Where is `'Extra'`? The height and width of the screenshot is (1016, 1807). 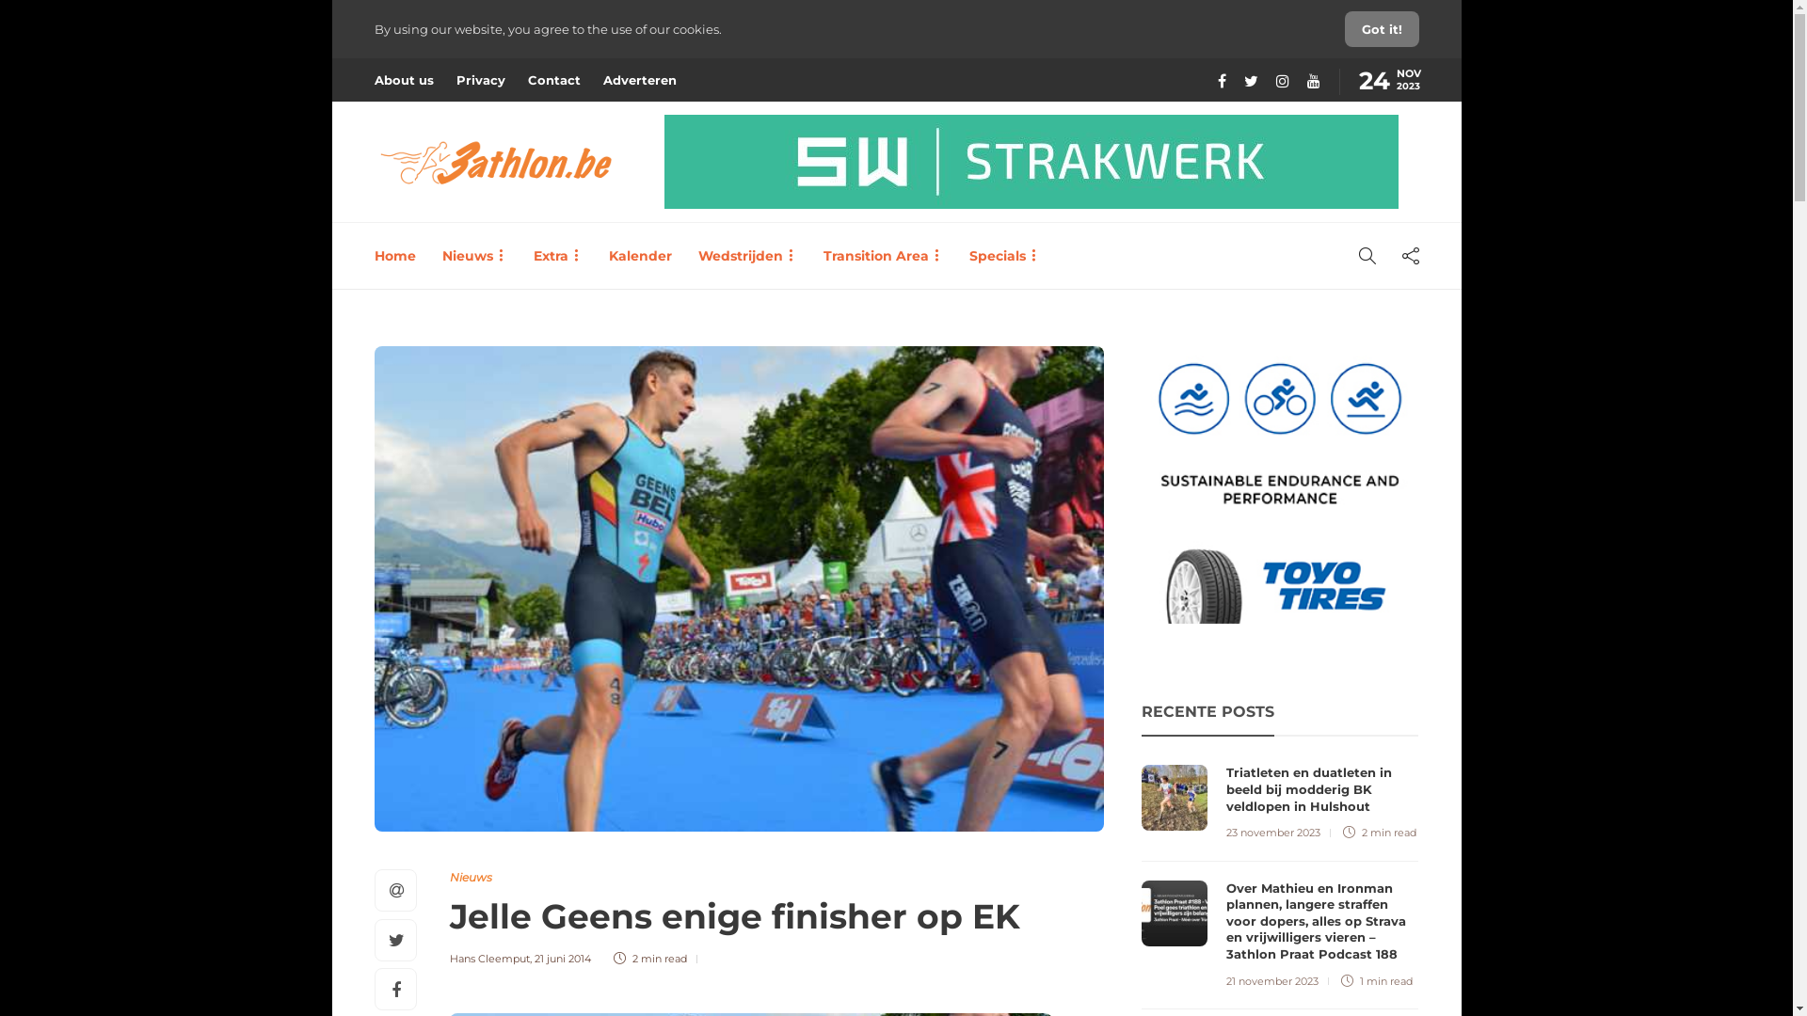
'Extra' is located at coordinates (532, 256).